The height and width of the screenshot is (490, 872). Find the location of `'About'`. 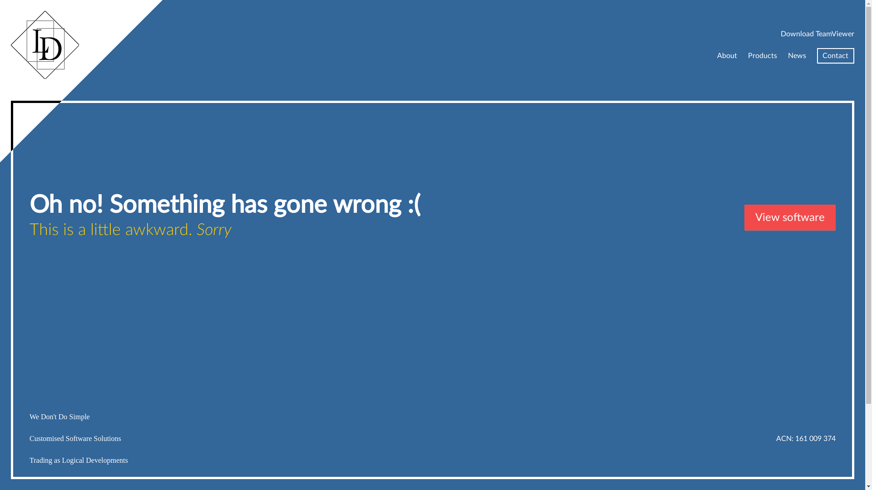

'About' is located at coordinates (717, 56).